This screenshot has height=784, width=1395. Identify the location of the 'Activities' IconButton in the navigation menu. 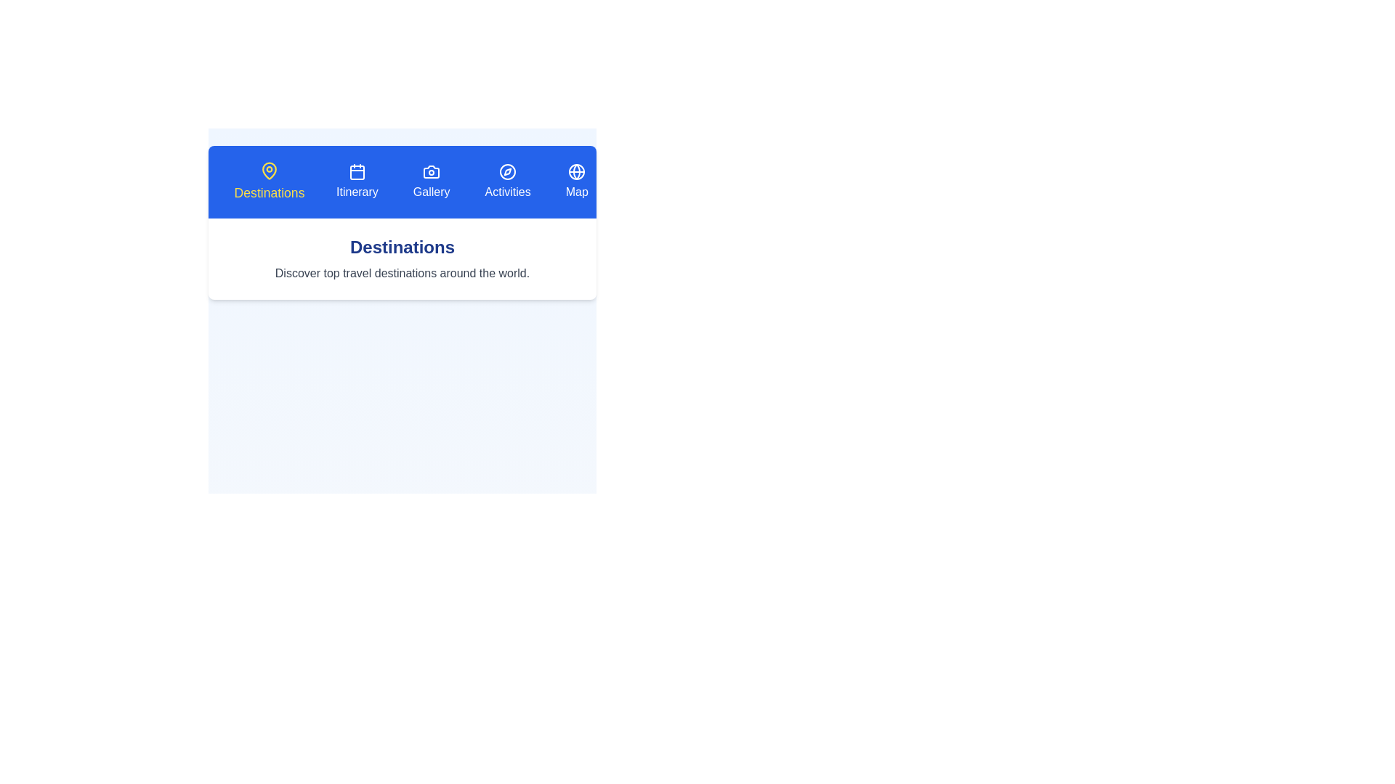
(508, 171).